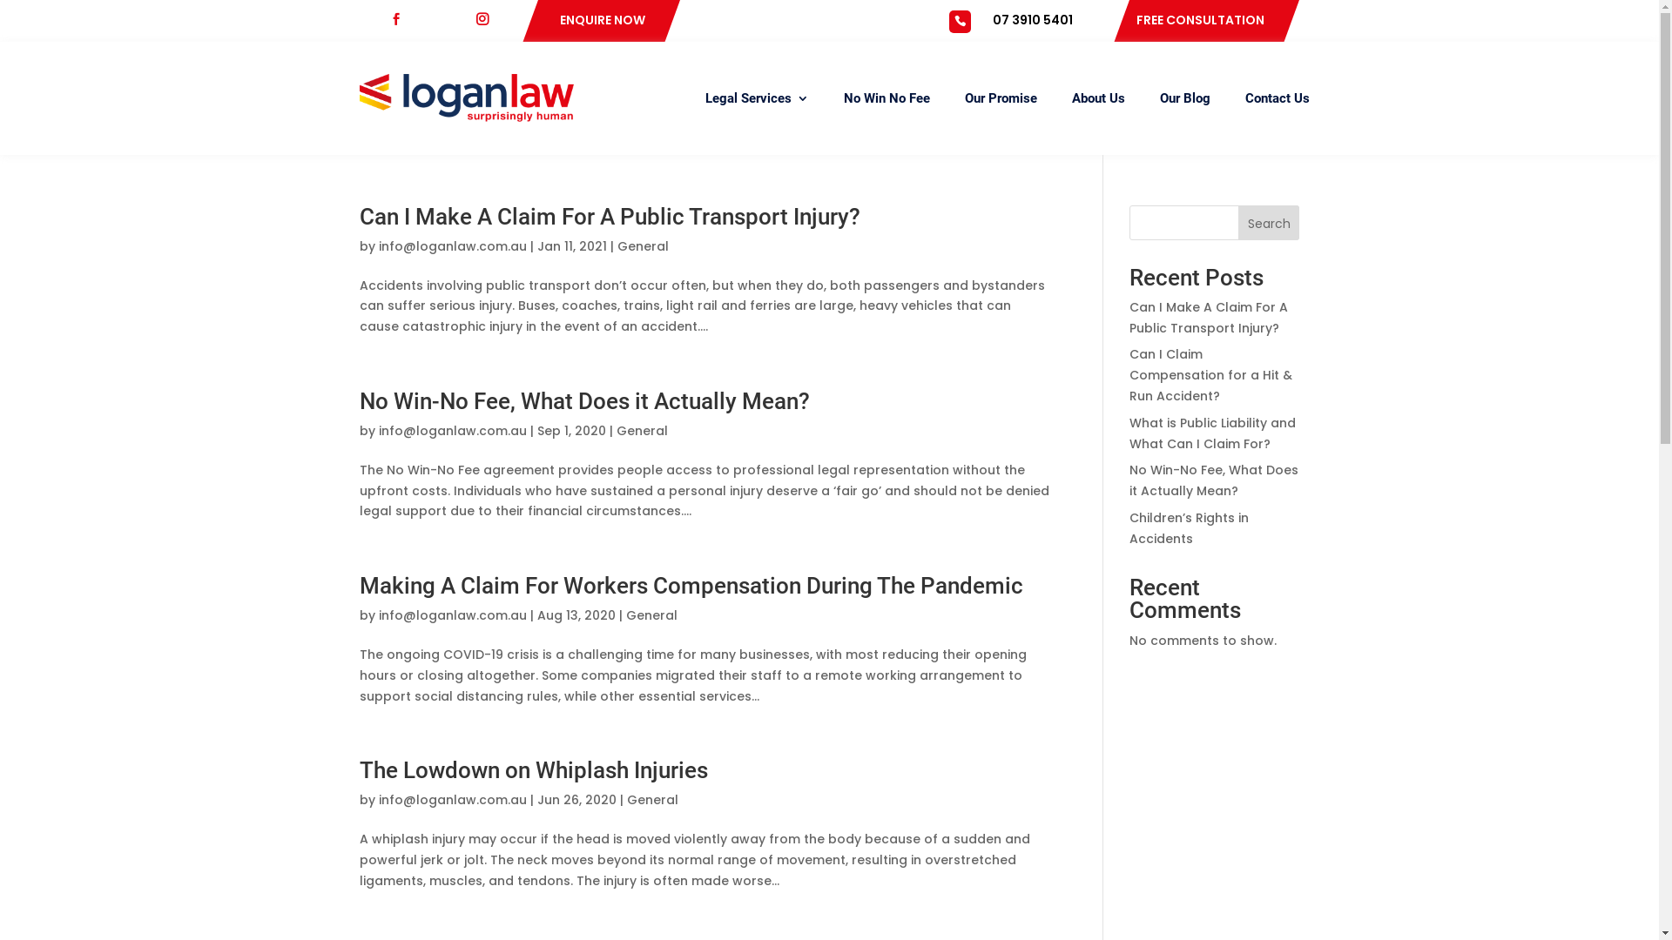 Image resolution: width=1672 pixels, height=940 pixels. I want to click on 'fb', so click(401, 20).